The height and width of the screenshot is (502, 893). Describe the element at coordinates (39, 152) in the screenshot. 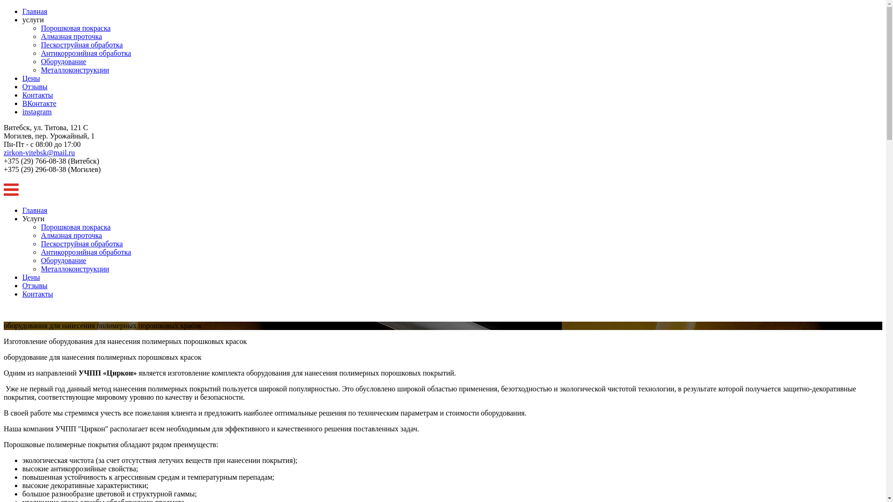

I see `'zirkon-vitebsk@mail.ru'` at that location.